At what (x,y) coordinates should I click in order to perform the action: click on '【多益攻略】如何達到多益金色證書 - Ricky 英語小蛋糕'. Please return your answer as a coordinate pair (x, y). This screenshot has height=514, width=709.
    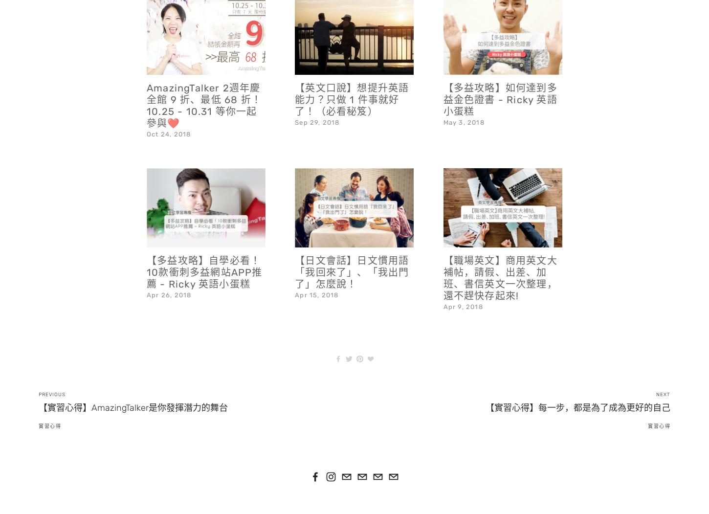
    Looking at the image, I should click on (500, 73).